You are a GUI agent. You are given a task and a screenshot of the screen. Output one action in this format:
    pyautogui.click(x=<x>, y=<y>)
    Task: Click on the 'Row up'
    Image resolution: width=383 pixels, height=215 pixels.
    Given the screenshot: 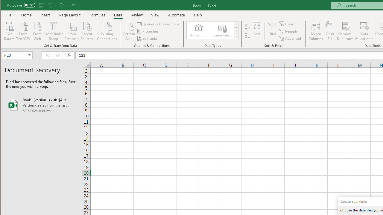 What is the action you would take?
    pyautogui.click(x=236, y=24)
    